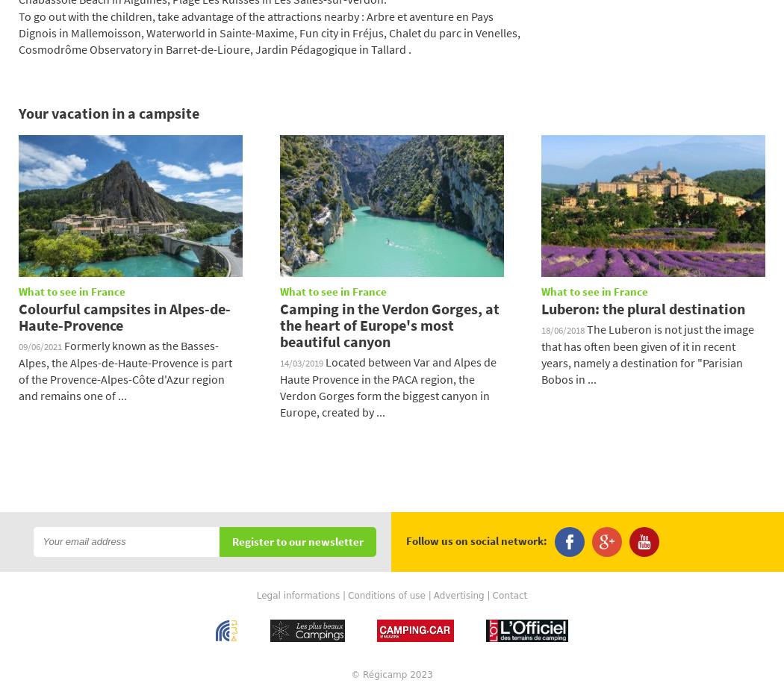  I want to click on '18/06/2018', so click(564, 329).